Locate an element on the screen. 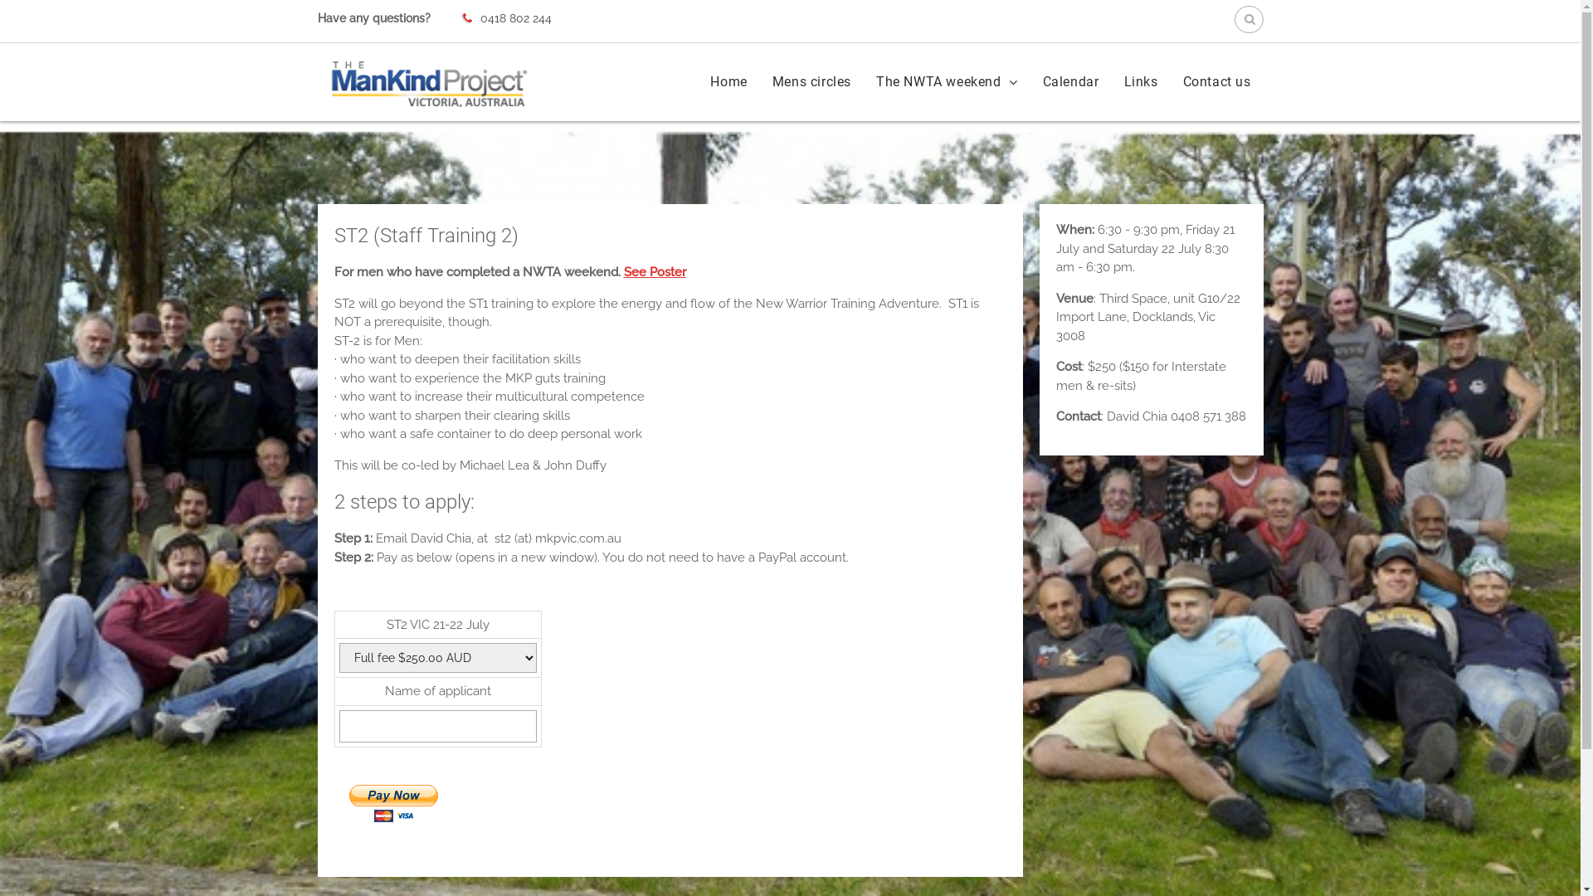 The image size is (1593, 896). 'Contact us' is located at coordinates (1217, 82).